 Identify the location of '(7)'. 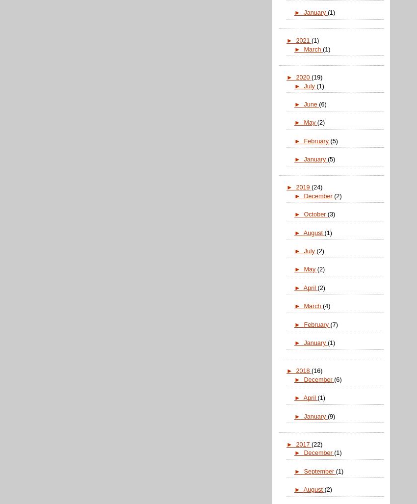
(334, 323).